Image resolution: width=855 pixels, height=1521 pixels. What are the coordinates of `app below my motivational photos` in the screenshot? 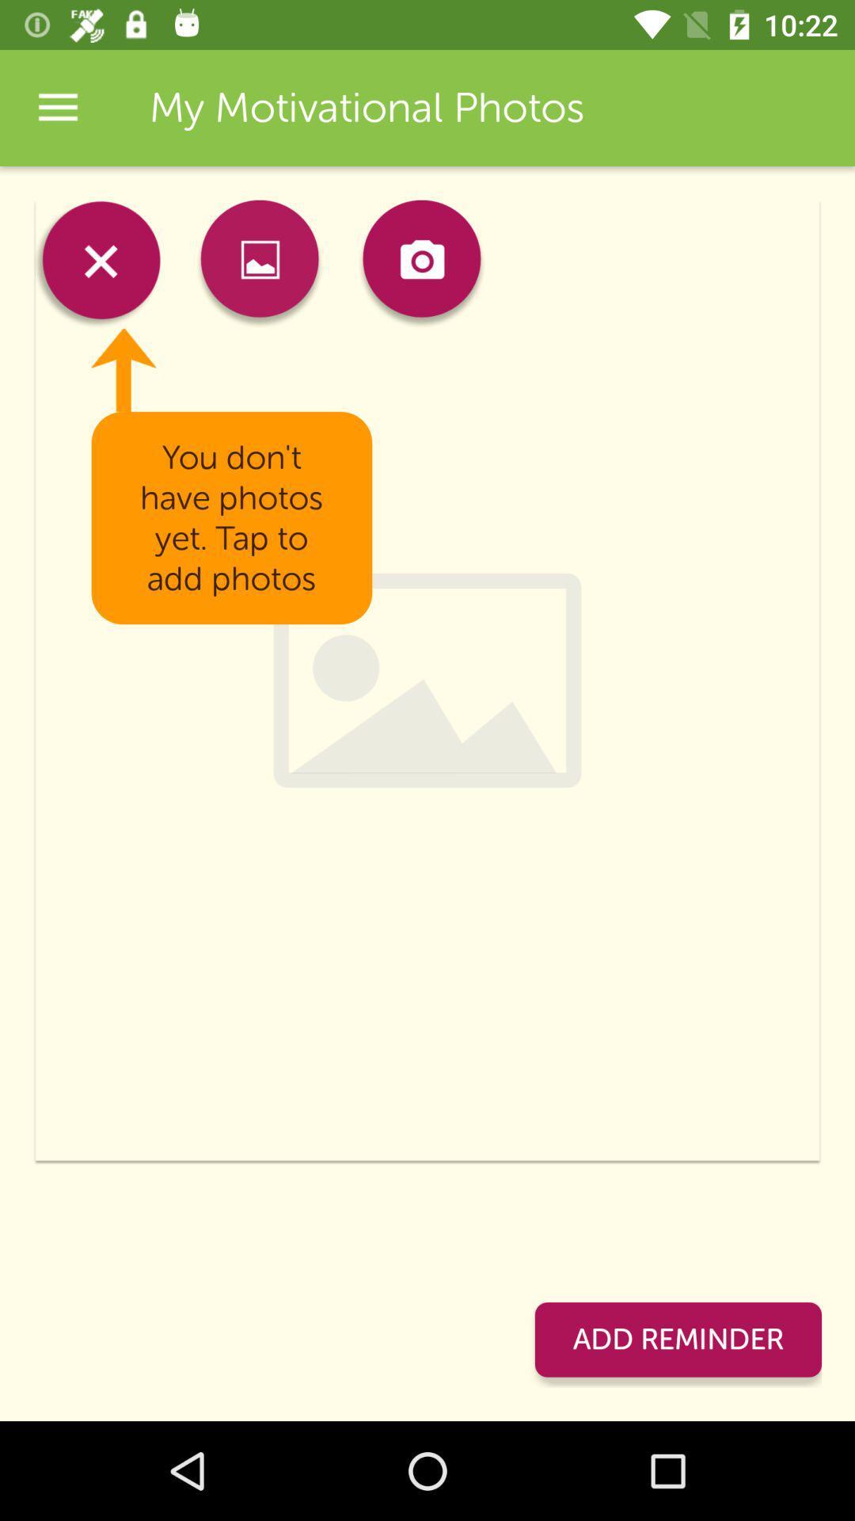 It's located at (259, 264).